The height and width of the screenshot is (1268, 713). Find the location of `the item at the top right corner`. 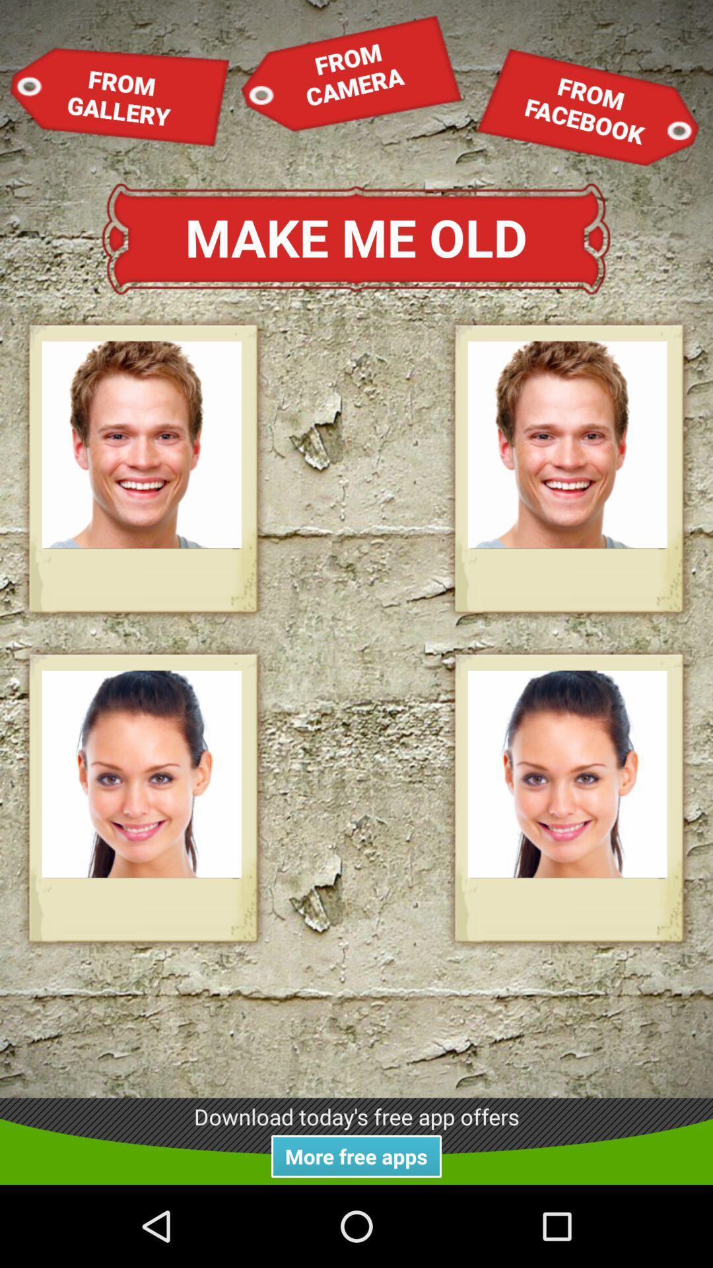

the item at the top right corner is located at coordinates (587, 107).